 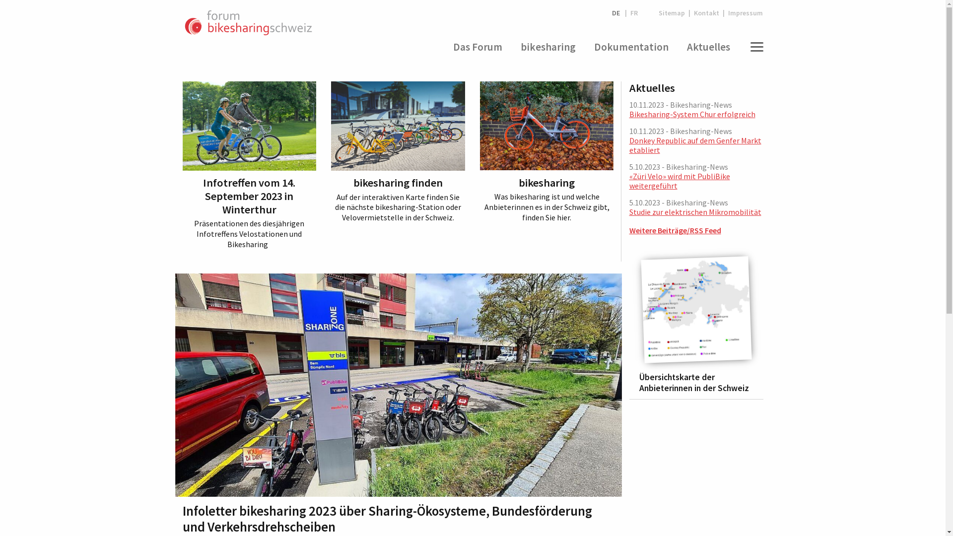 What do you see at coordinates (547, 47) in the screenshot?
I see `'bikesharing'` at bounding box center [547, 47].